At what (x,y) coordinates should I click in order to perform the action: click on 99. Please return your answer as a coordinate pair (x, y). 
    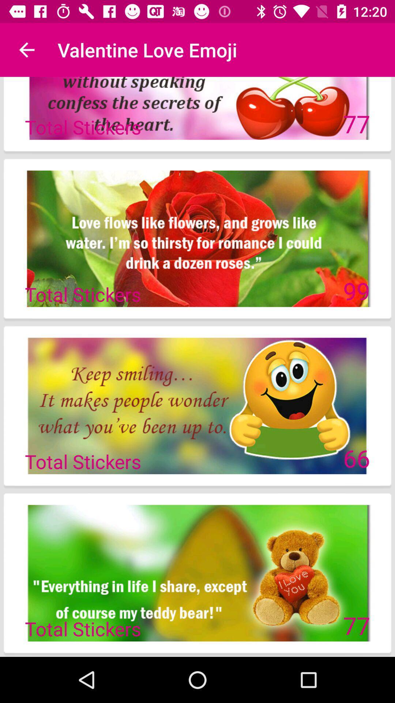
    Looking at the image, I should click on (356, 290).